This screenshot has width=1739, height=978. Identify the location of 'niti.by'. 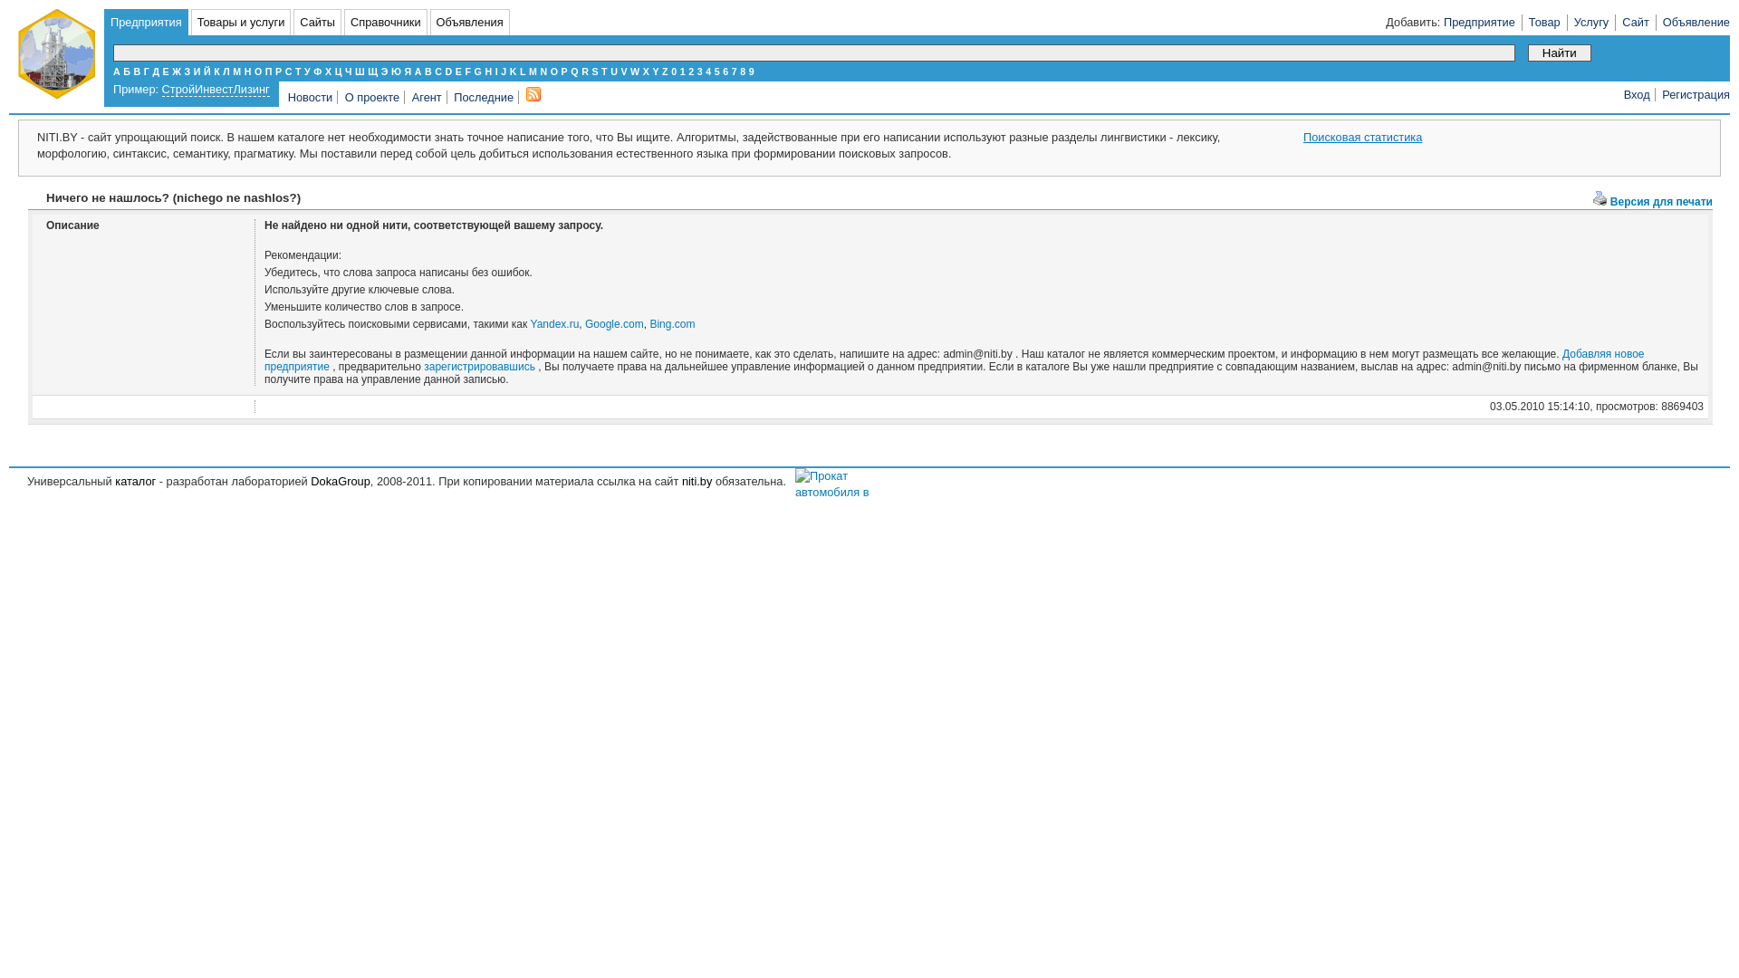
(696, 480).